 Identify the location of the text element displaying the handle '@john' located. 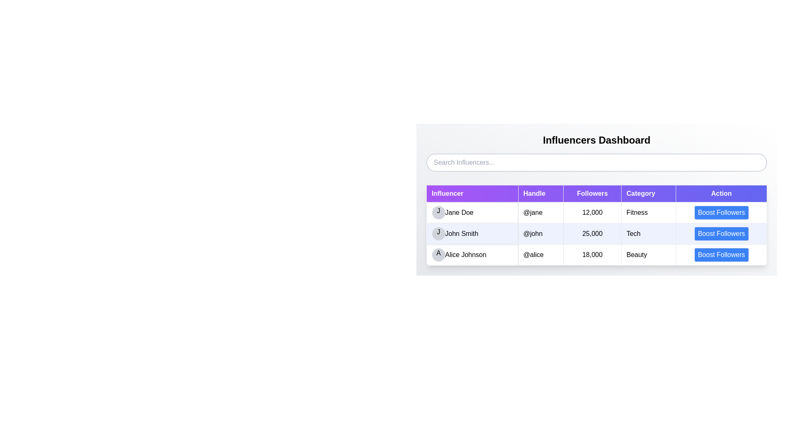
(540, 233).